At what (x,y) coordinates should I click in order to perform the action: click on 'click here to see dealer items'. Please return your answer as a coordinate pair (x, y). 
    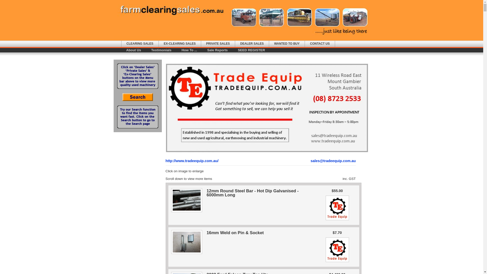
    Looking at the image, I should click on (337, 262).